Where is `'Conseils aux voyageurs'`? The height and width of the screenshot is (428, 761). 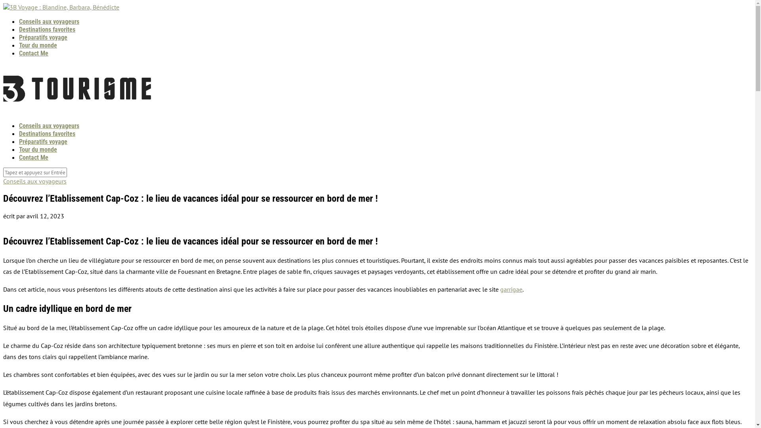
'Conseils aux voyageurs' is located at coordinates (49, 21).